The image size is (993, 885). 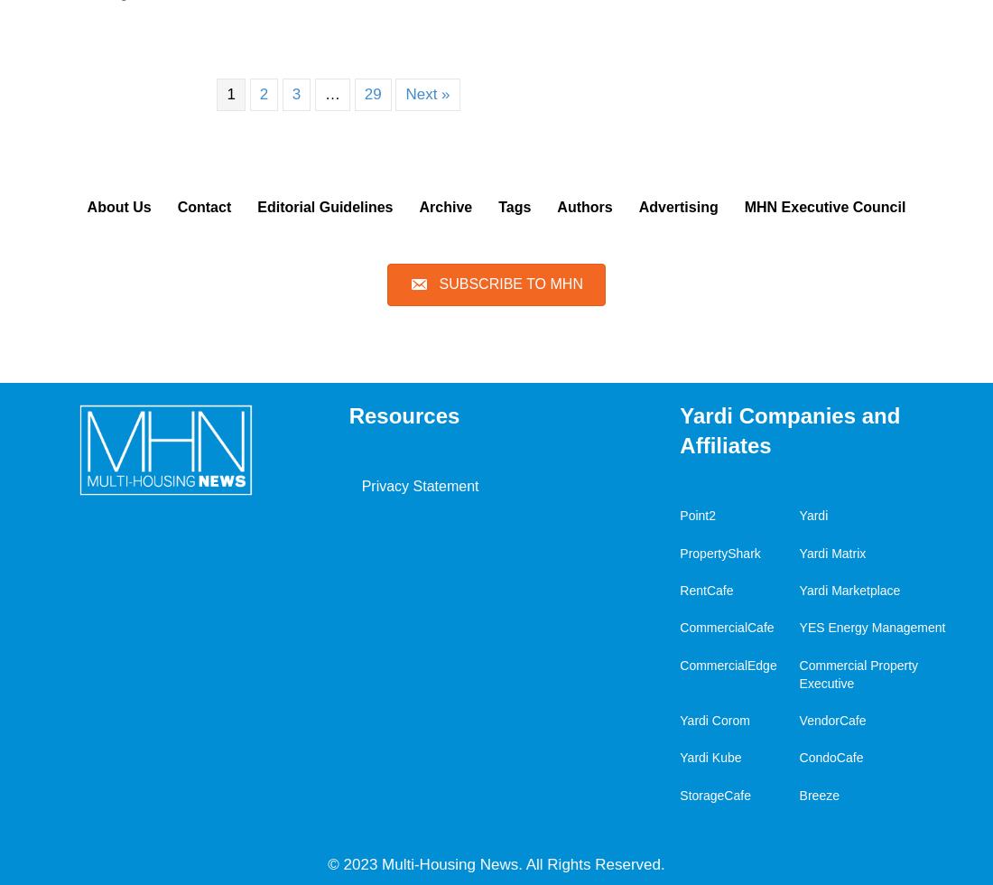 What do you see at coordinates (509, 284) in the screenshot?
I see `'Subscribe to MHN'` at bounding box center [509, 284].